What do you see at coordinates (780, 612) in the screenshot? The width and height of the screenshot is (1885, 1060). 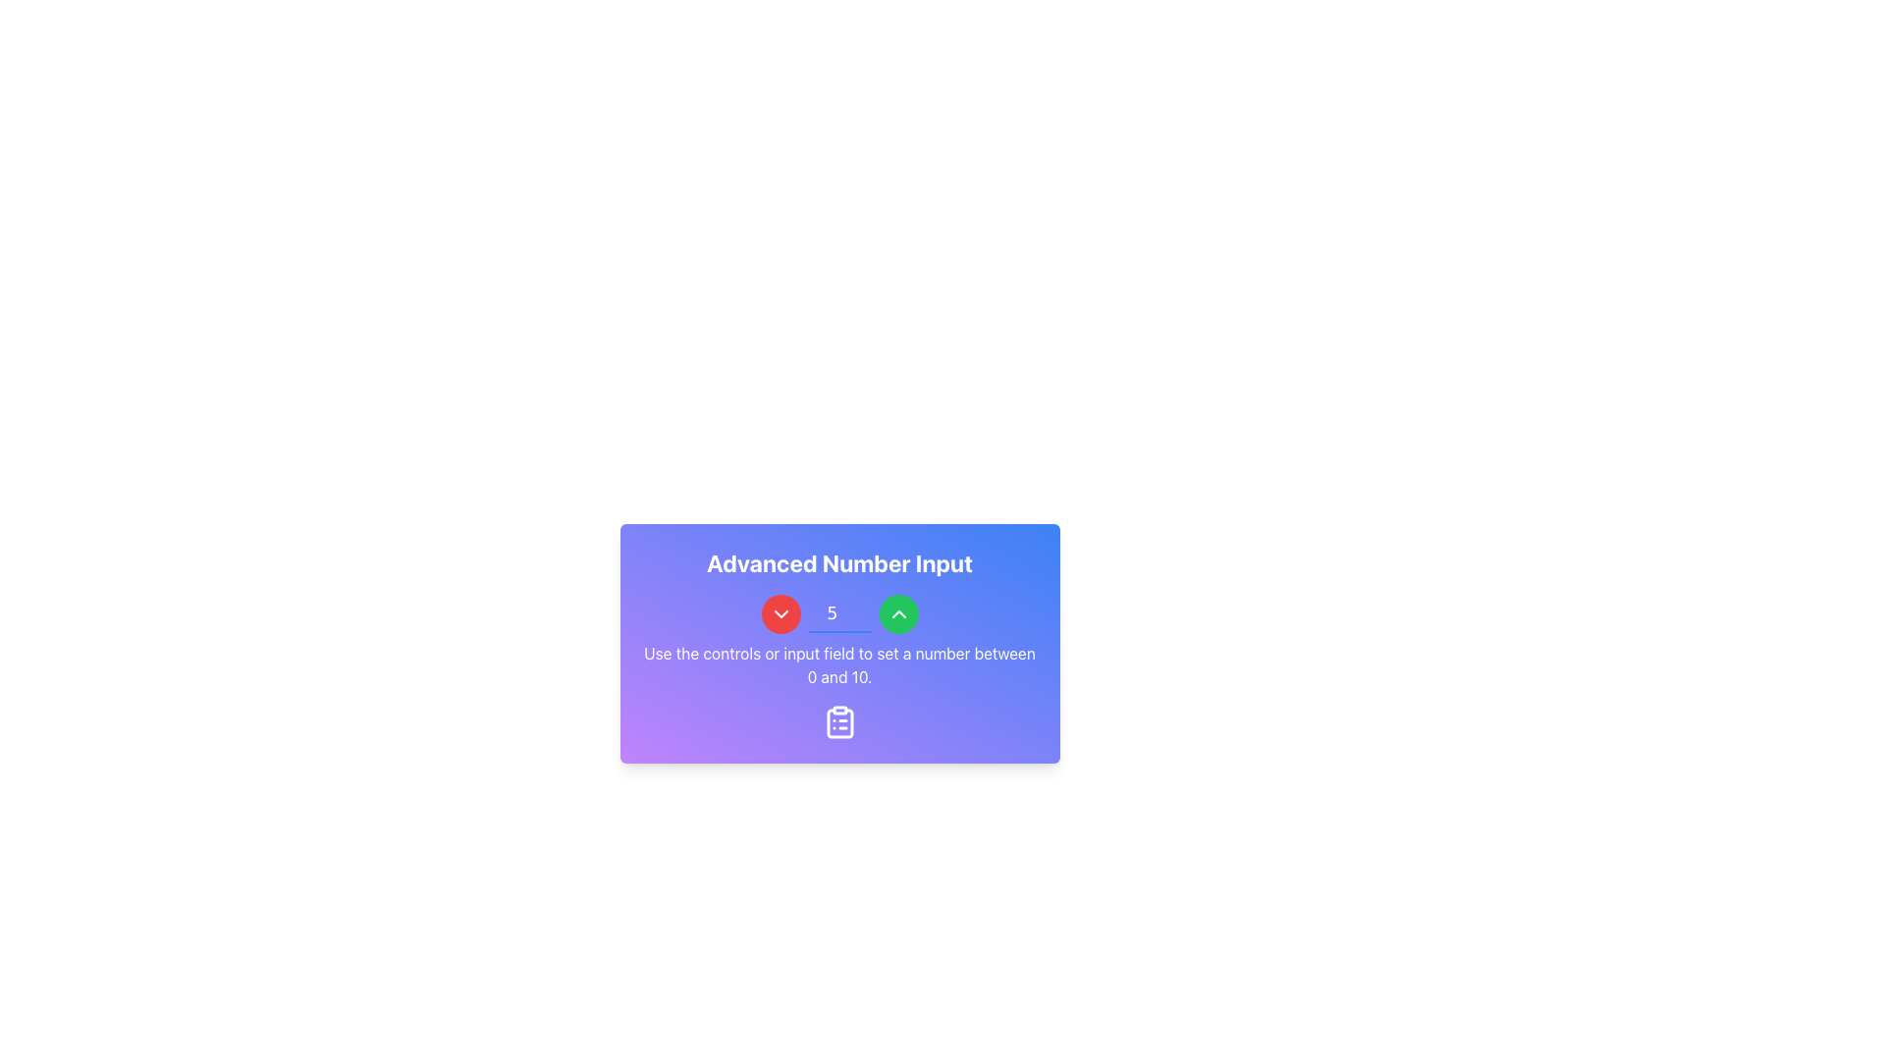 I see `the downward-pointing chevron icon button with a red background to decrement the numeric value in the input field labeled '5'` at bounding box center [780, 612].